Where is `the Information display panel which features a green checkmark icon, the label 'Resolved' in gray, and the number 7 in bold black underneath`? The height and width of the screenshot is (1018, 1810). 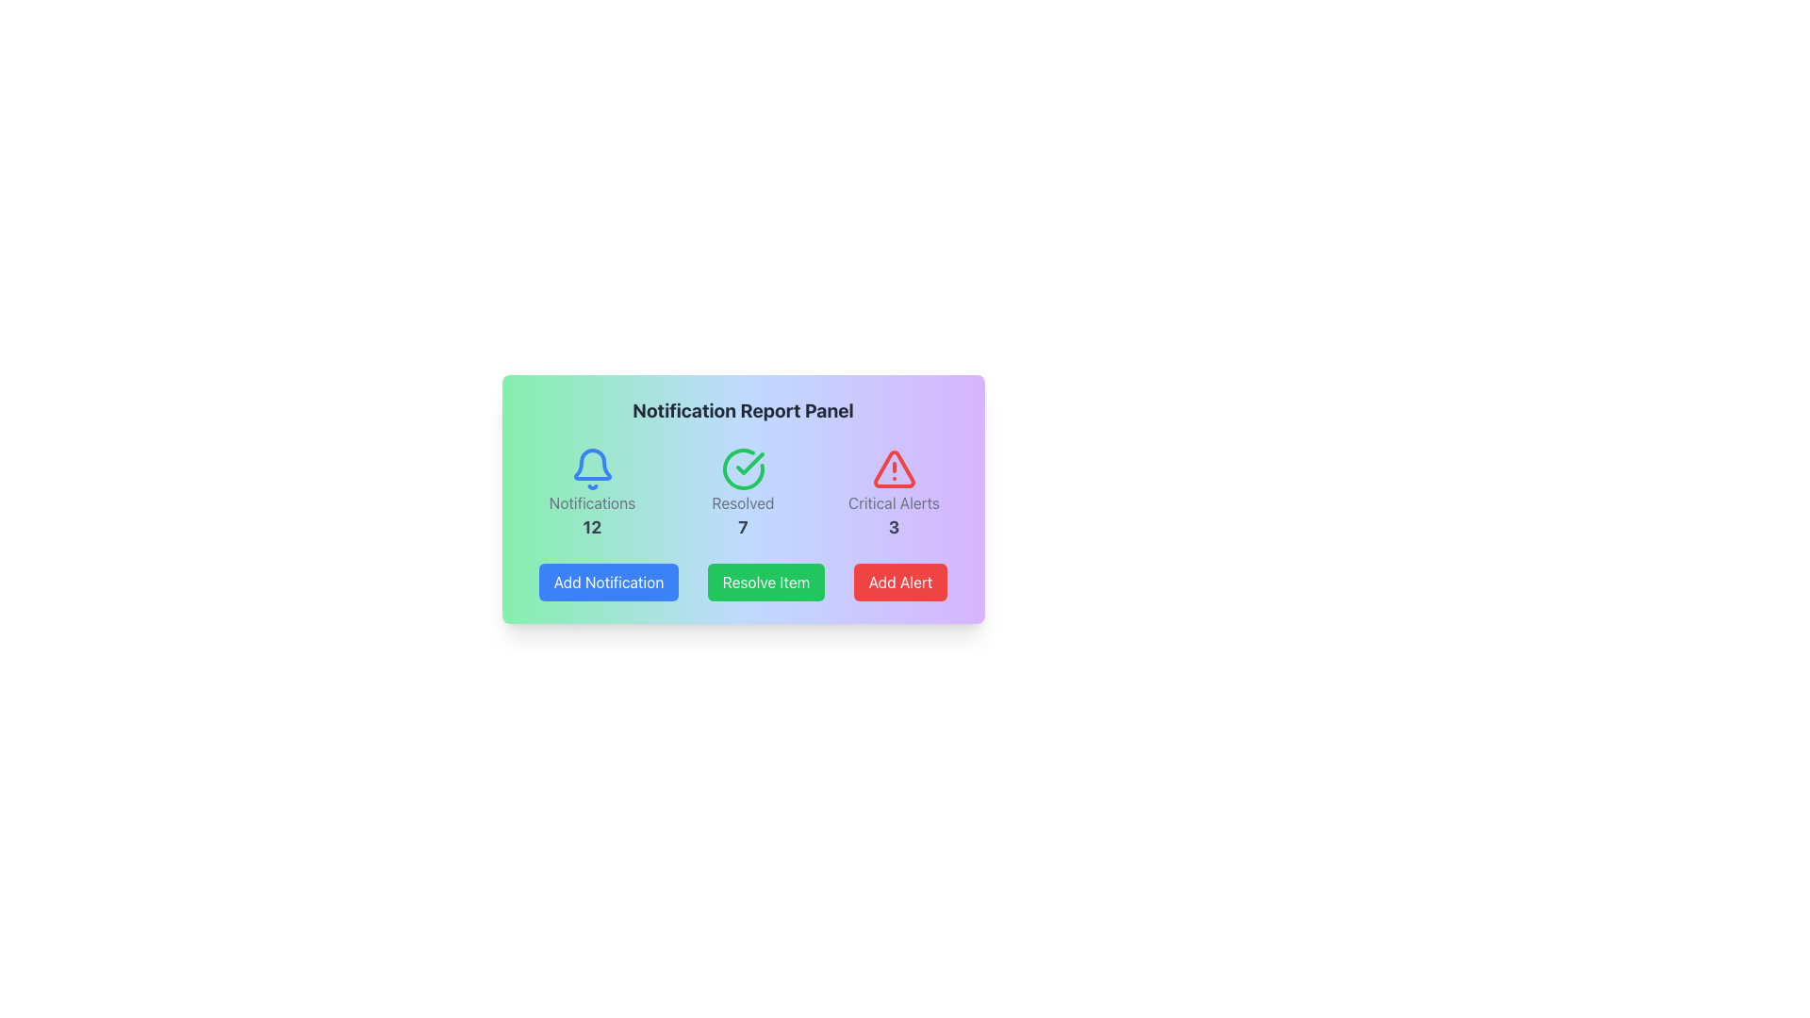 the Information display panel which features a green checkmark icon, the label 'Resolved' in gray, and the number 7 in bold black underneath is located at coordinates (742, 493).